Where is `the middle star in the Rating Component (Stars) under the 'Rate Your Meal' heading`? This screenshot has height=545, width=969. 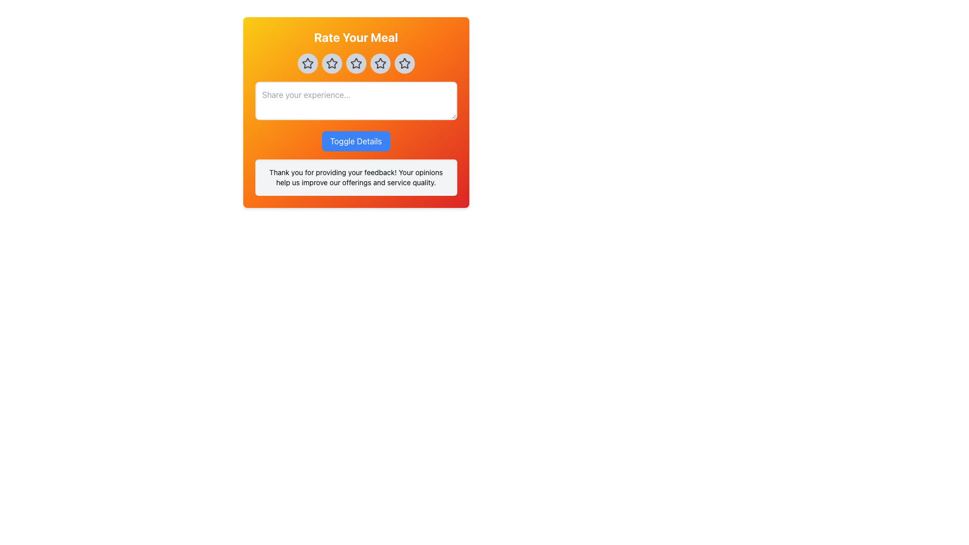 the middle star in the Rating Component (Stars) under the 'Rate Your Meal' heading is located at coordinates (356, 64).